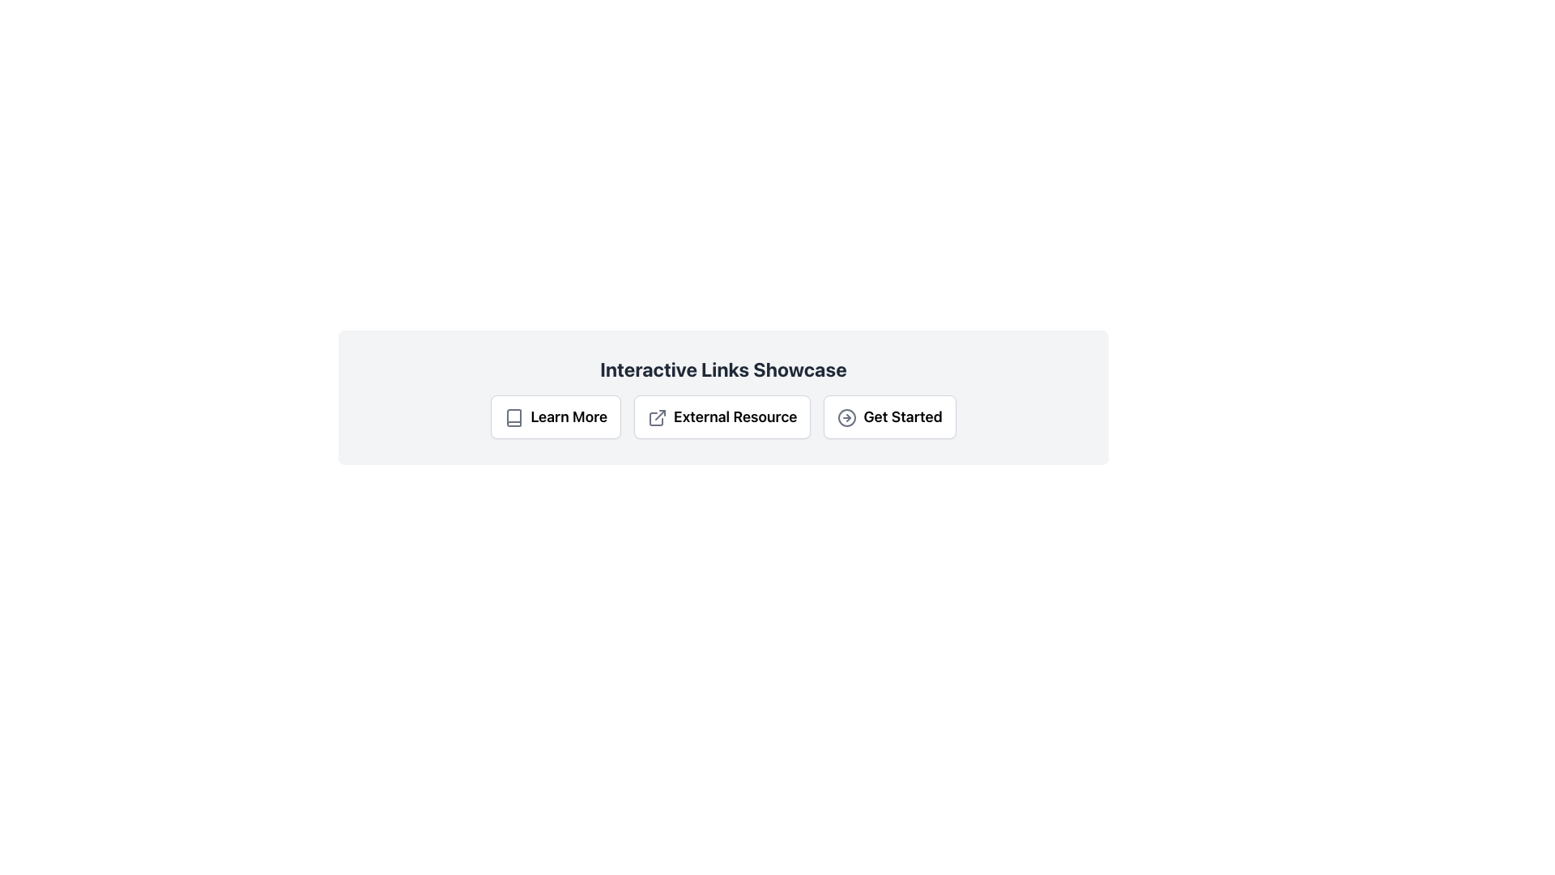 This screenshot has height=875, width=1555. Describe the element at coordinates (556, 416) in the screenshot. I see `the 'Learn More' button` at that location.